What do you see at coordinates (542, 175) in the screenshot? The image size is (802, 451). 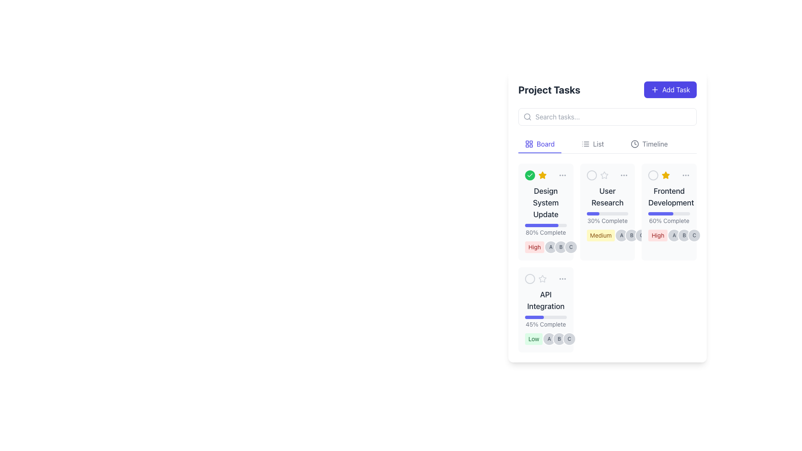 I see `the active star-shaped icon with a filled yellow color located in the top-left corner of the card labeled 'Design System Update'` at bounding box center [542, 175].